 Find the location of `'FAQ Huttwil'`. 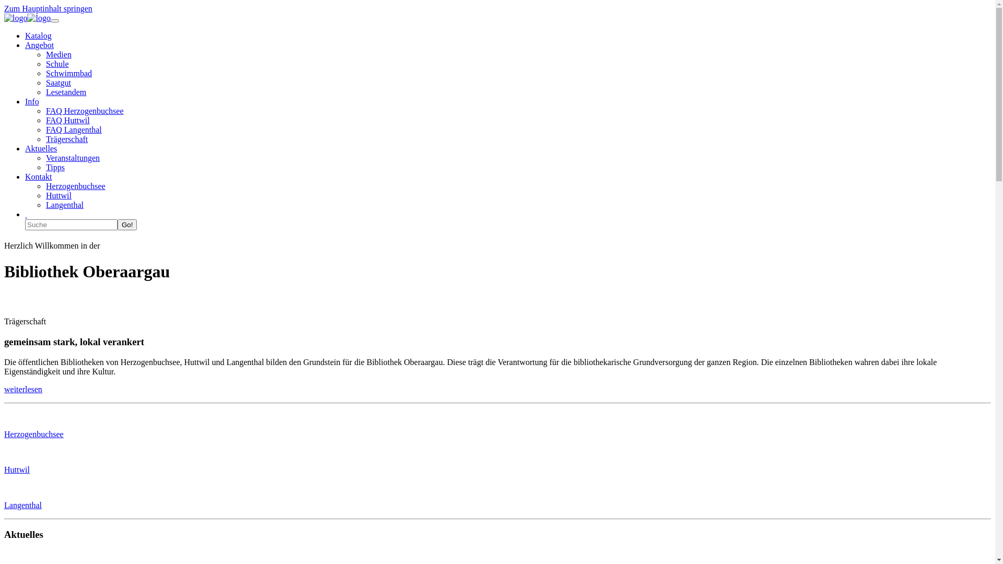

'FAQ Huttwil' is located at coordinates (45, 120).